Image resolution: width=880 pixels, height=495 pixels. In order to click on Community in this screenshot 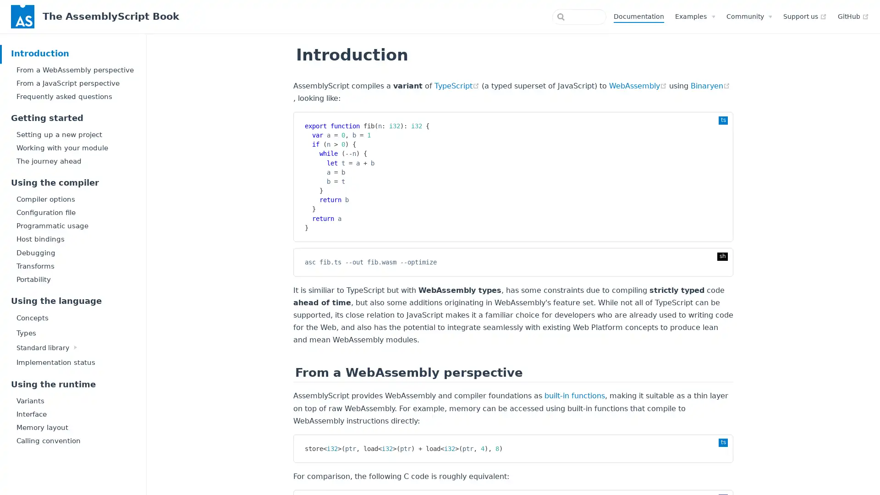, I will do `click(749, 16)`.